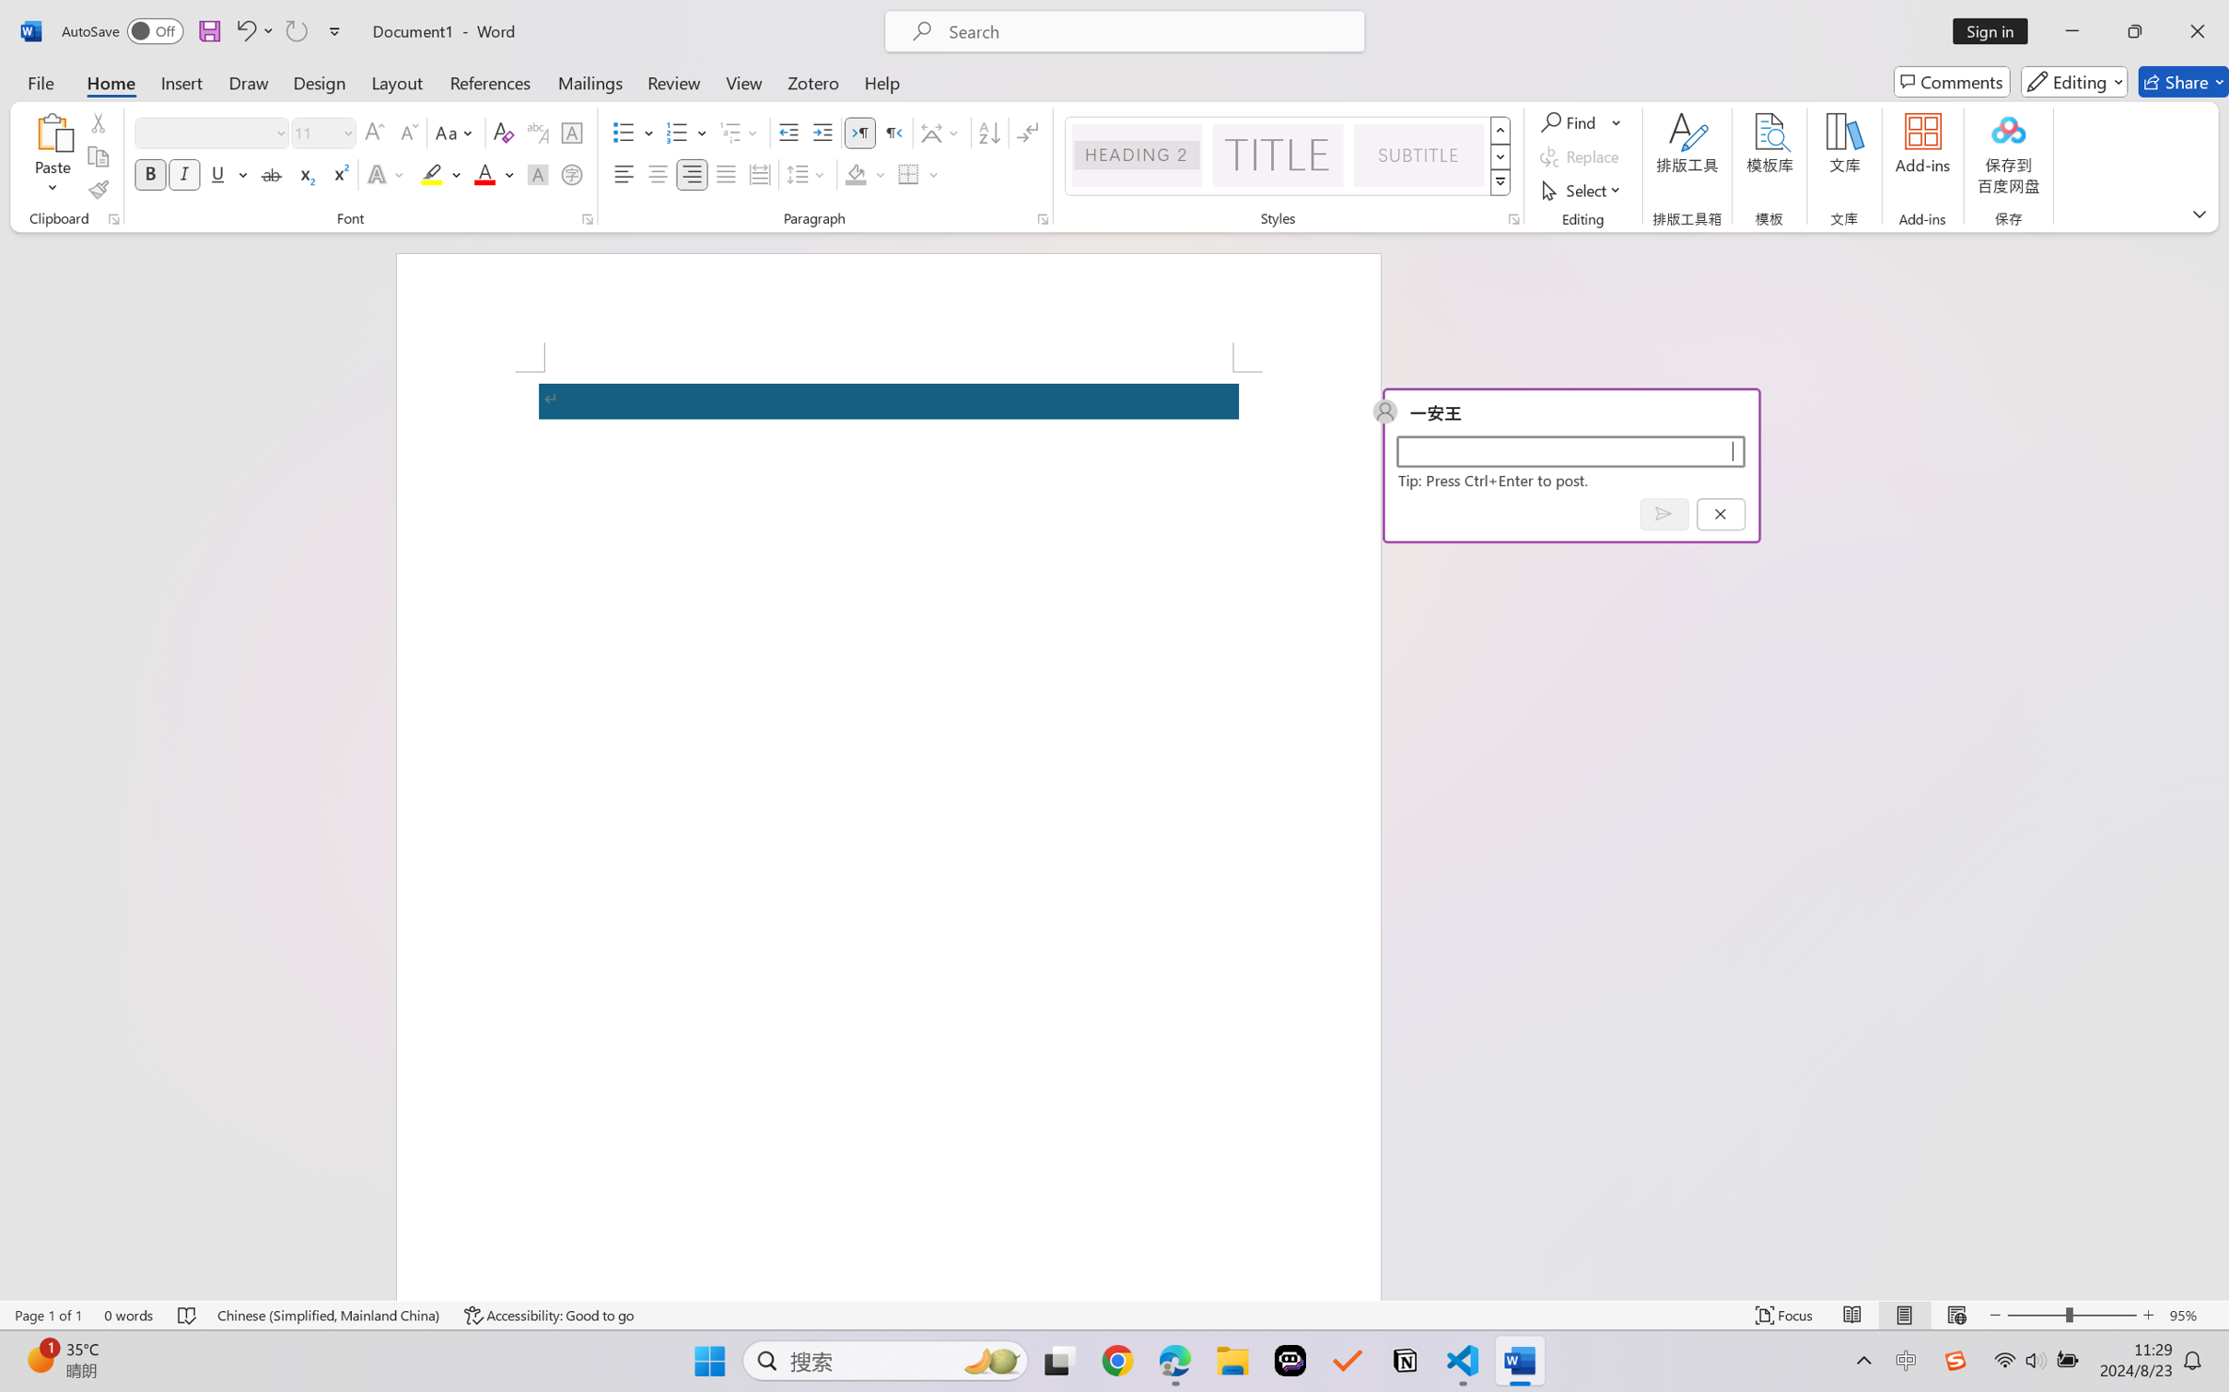 The height and width of the screenshot is (1392, 2229). I want to click on 'Repeat TCSCTranslate', so click(295, 30).